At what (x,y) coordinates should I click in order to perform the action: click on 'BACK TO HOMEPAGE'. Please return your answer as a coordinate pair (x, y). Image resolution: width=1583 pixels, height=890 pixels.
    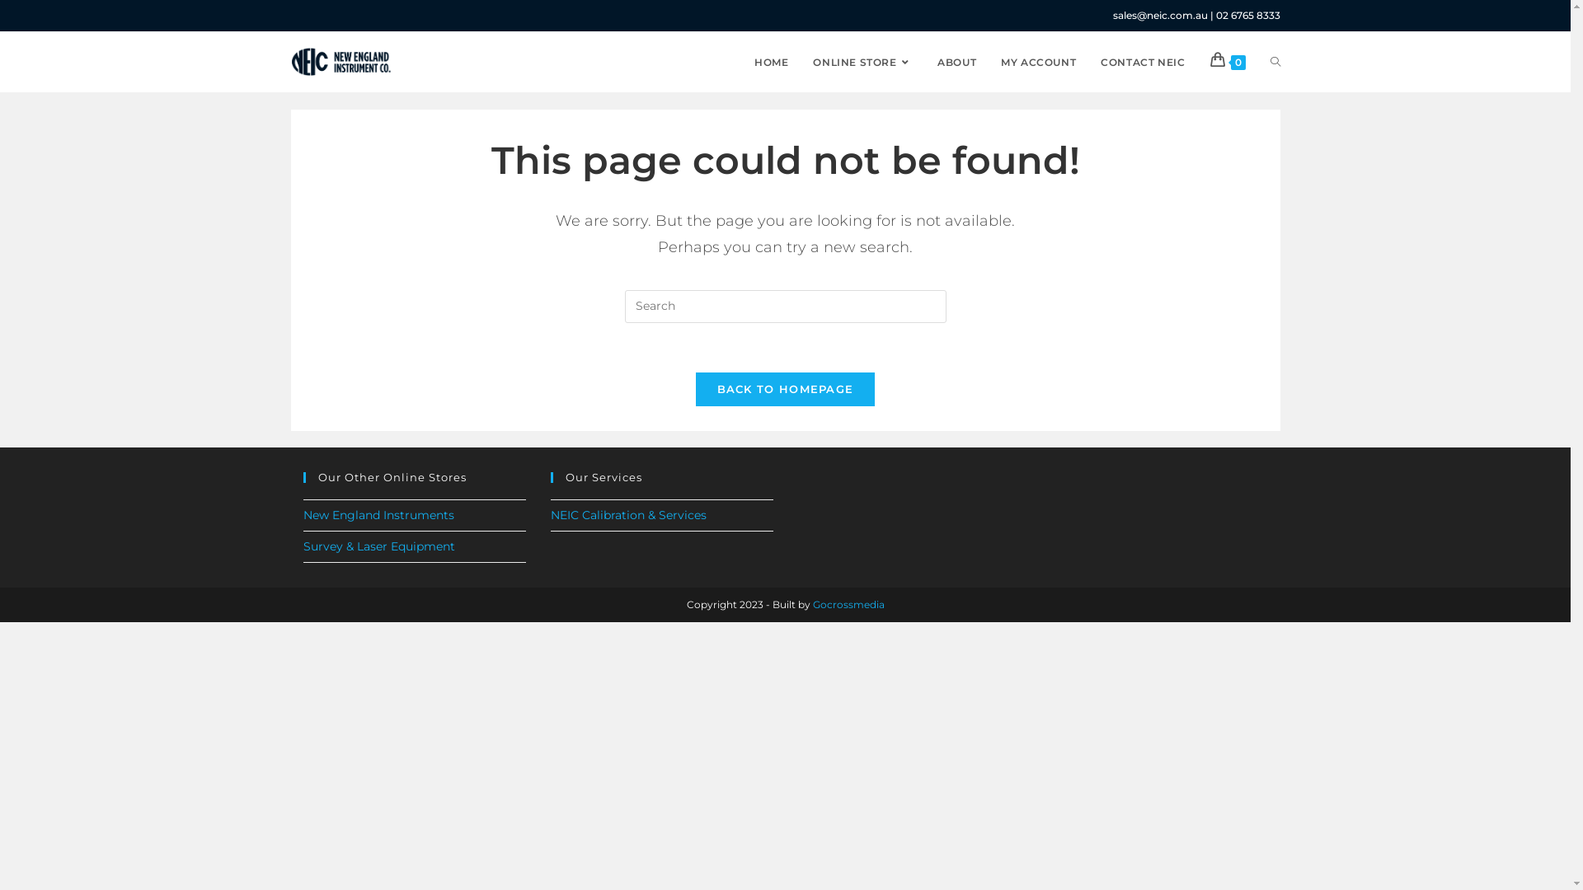
    Looking at the image, I should click on (785, 389).